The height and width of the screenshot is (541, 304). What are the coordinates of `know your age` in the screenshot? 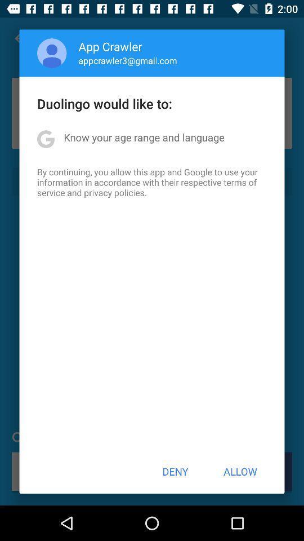 It's located at (144, 136).